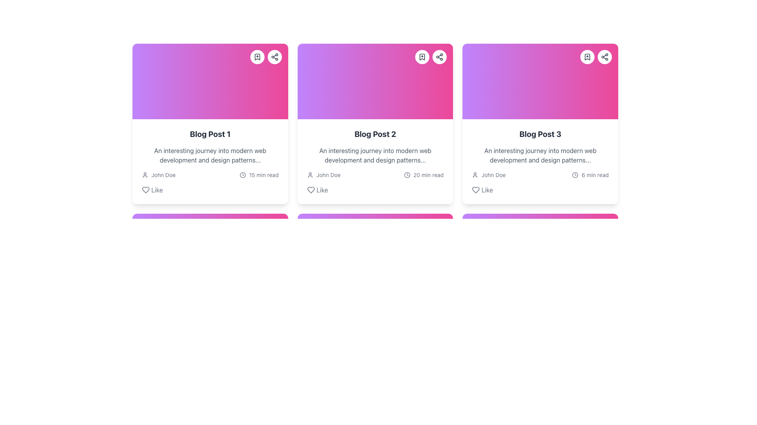  I want to click on the 'Like' button, which consists of a heart icon and the text 'Like', located at the bottom of the 'Blog Post 1' card under the article summary and author information, so click(152, 190).